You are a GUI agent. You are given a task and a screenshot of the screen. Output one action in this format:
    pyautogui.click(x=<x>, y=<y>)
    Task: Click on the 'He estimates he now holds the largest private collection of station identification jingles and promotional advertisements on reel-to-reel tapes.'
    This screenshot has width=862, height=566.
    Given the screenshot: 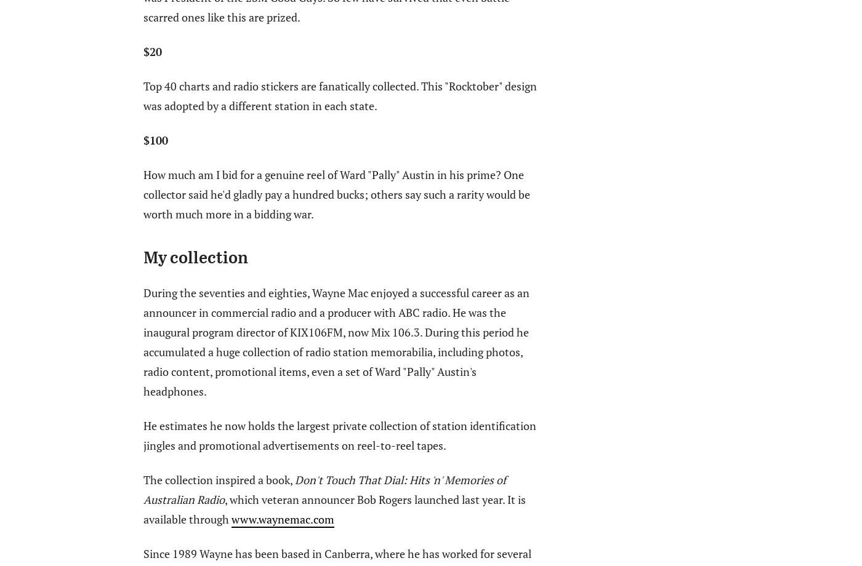 What is the action you would take?
    pyautogui.click(x=142, y=435)
    